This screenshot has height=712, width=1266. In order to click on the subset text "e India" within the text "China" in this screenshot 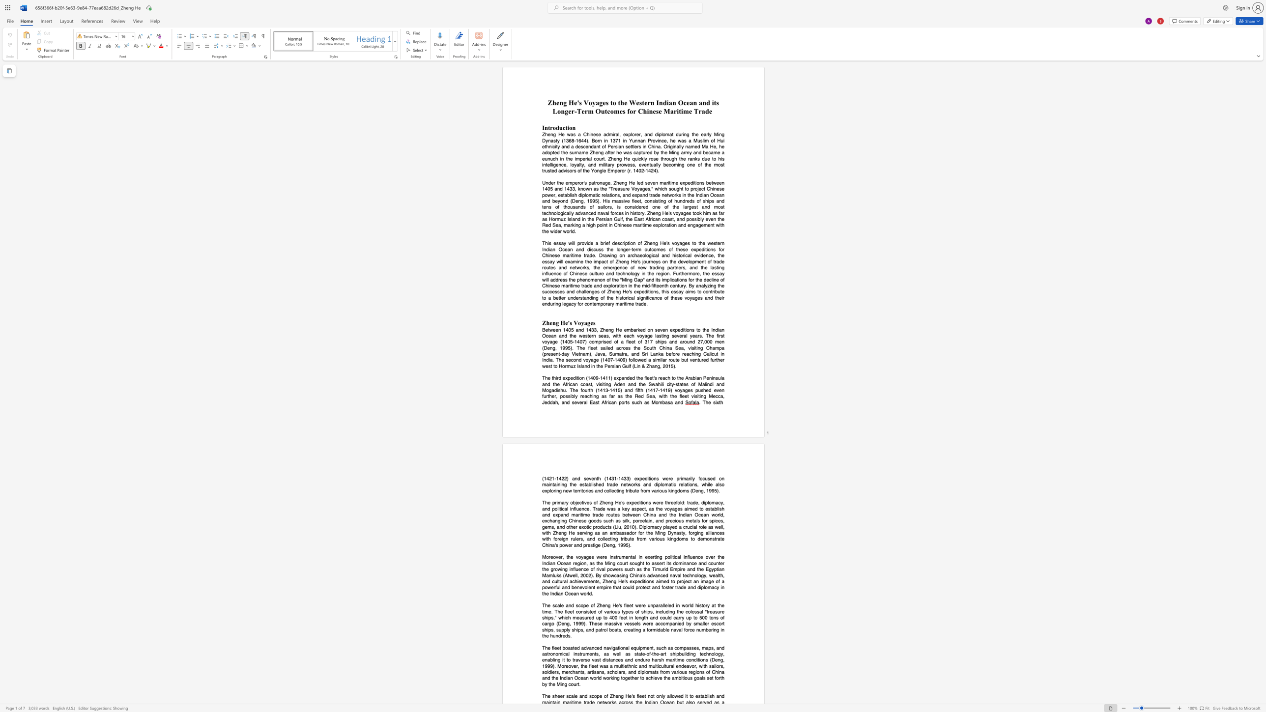, I will do `click(546, 593)`.